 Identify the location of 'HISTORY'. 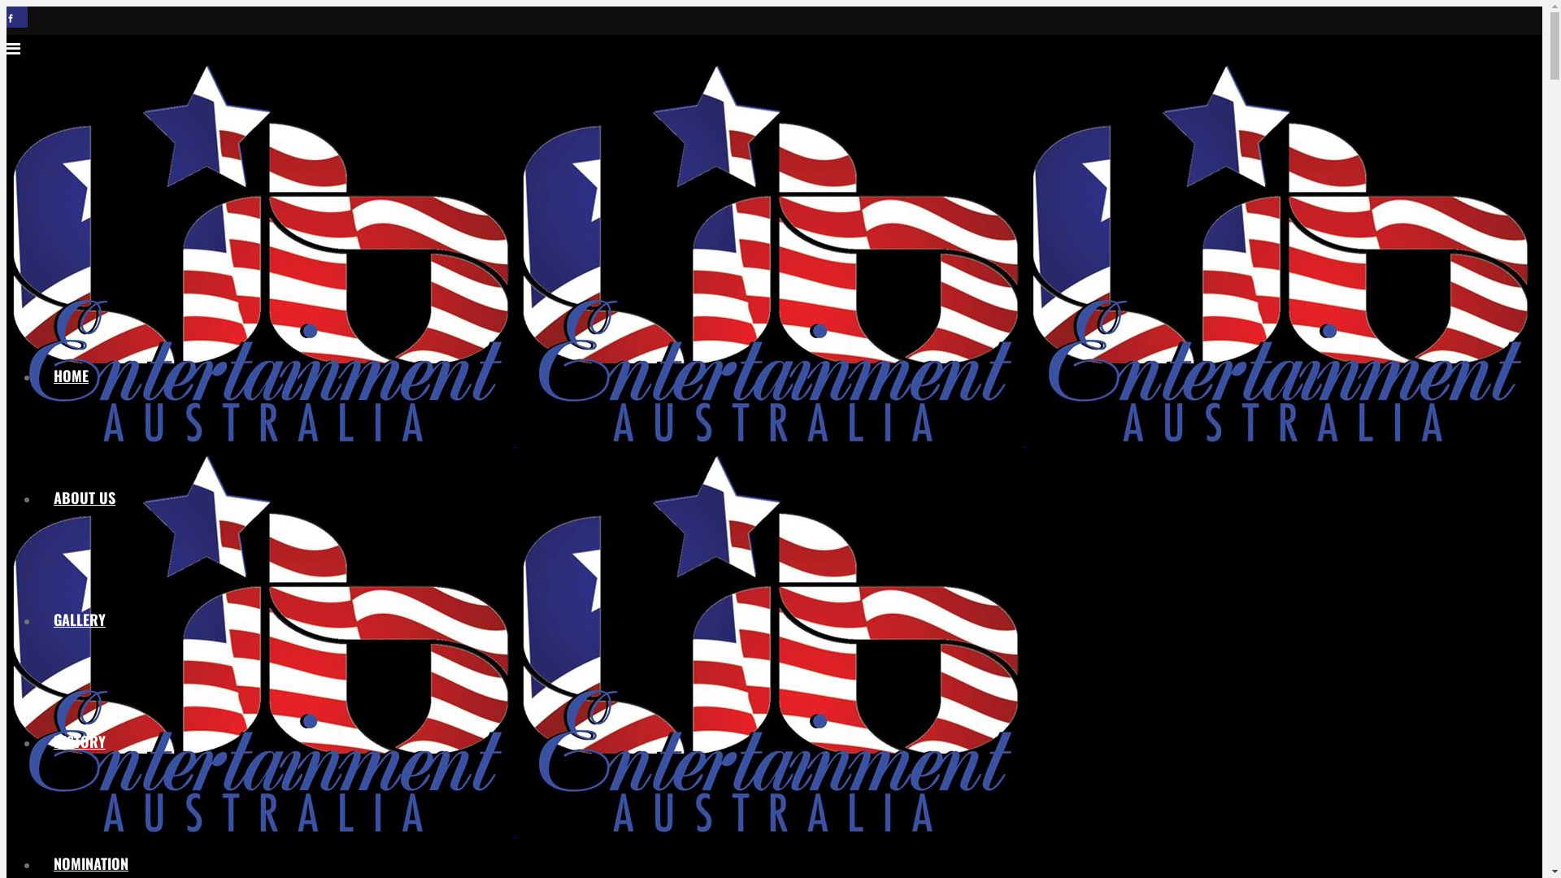
(78, 741).